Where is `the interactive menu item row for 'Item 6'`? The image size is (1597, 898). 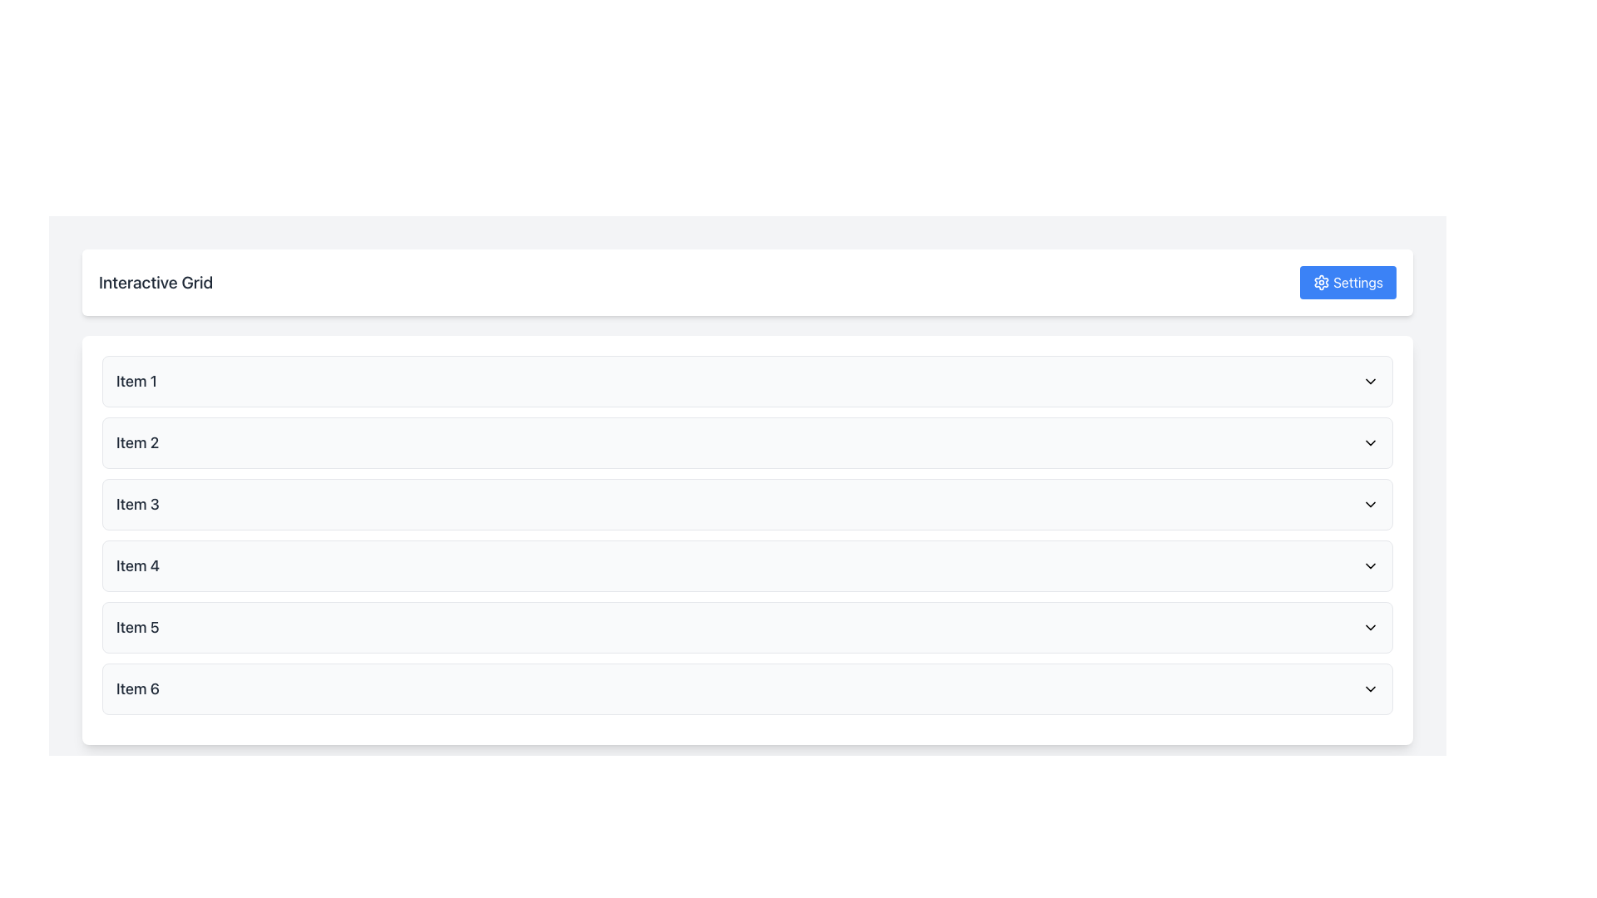 the interactive menu item row for 'Item 6' is located at coordinates (746, 689).